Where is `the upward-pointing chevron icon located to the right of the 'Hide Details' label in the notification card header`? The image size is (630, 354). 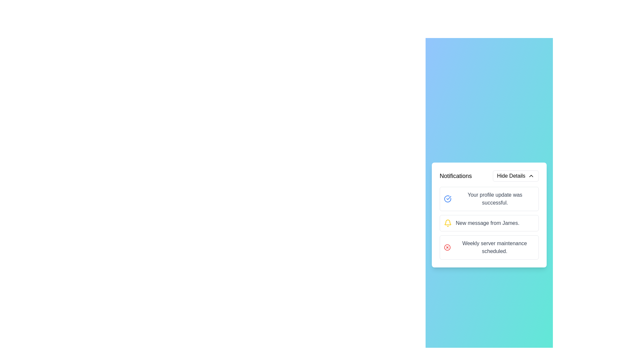
the upward-pointing chevron icon located to the right of the 'Hide Details' label in the notification card header is located at coordinates (531, 175).